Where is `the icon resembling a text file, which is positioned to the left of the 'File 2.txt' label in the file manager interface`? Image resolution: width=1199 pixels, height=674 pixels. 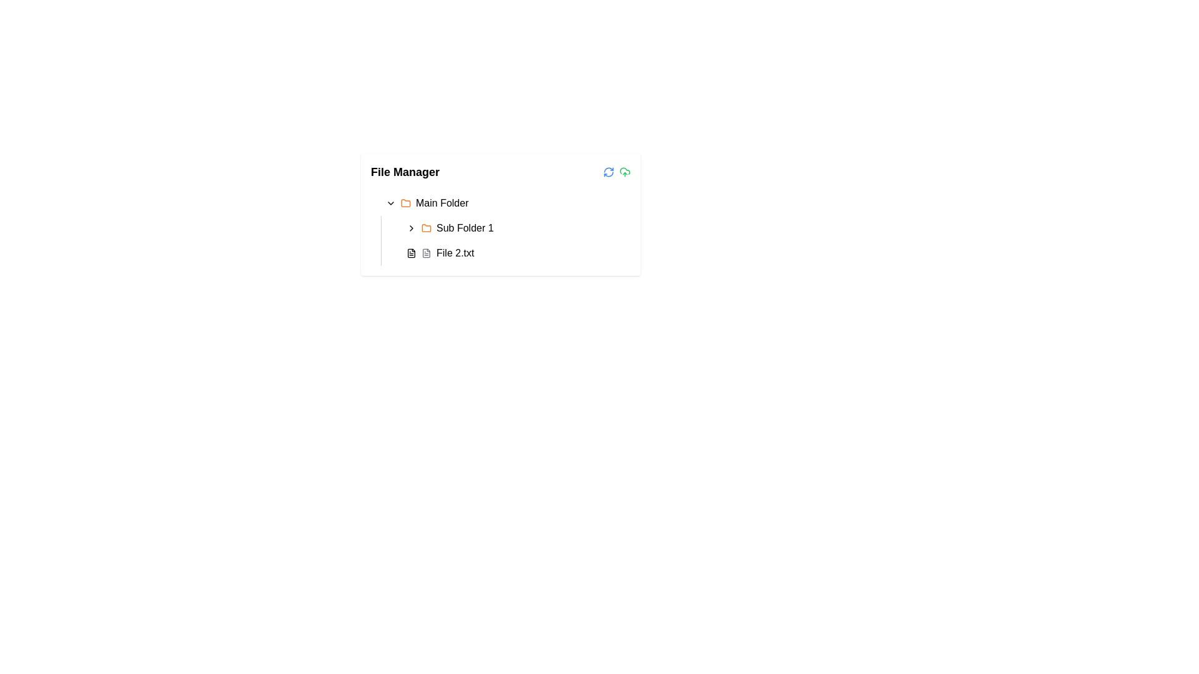 the icon resembling a text file, which is positioned to the left of the 'File 2.txt' label in the file manager interface is located at coordinates (426, 253).